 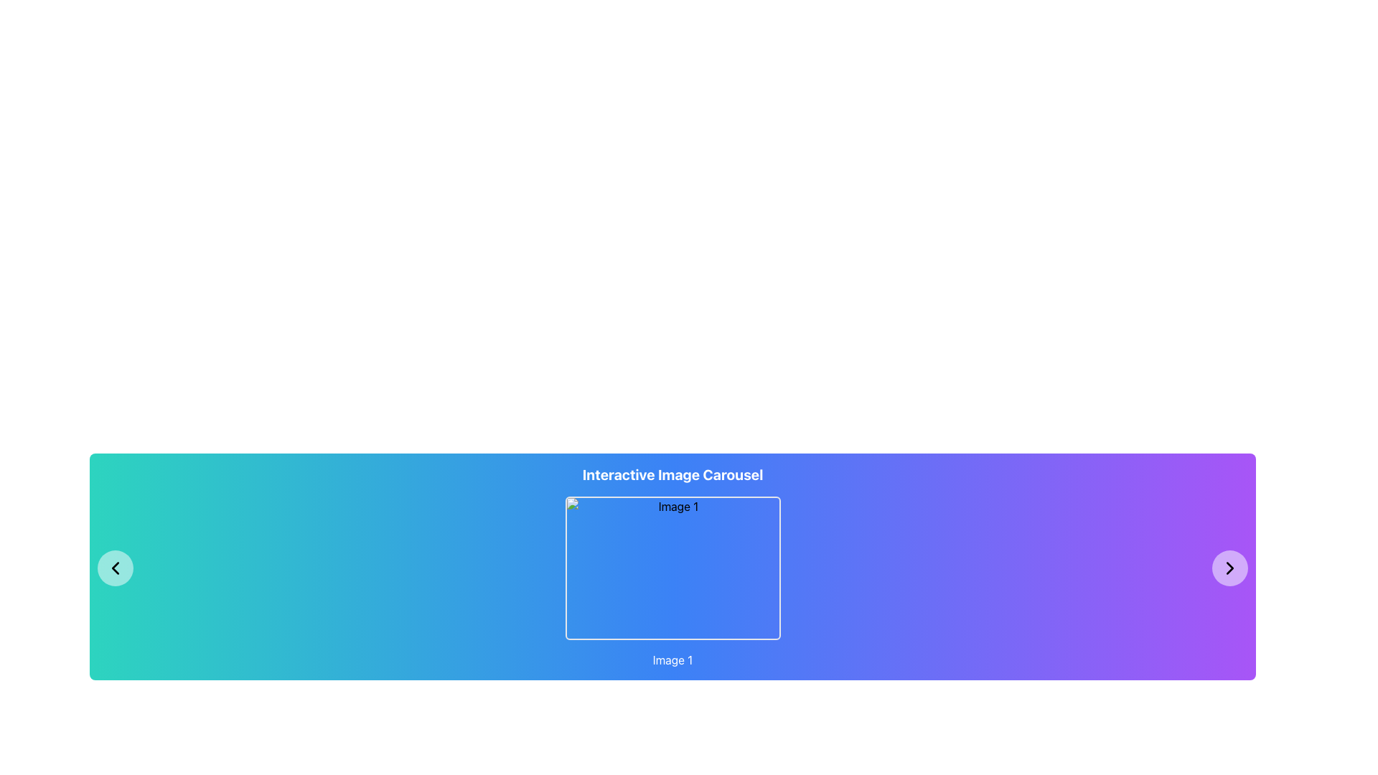 What do you see at coordinates (672, 660) in the screenshot?
I see `the text label located at the bottom of the central banner, which provides a description for the image above it` at bounding box center [672, 660].